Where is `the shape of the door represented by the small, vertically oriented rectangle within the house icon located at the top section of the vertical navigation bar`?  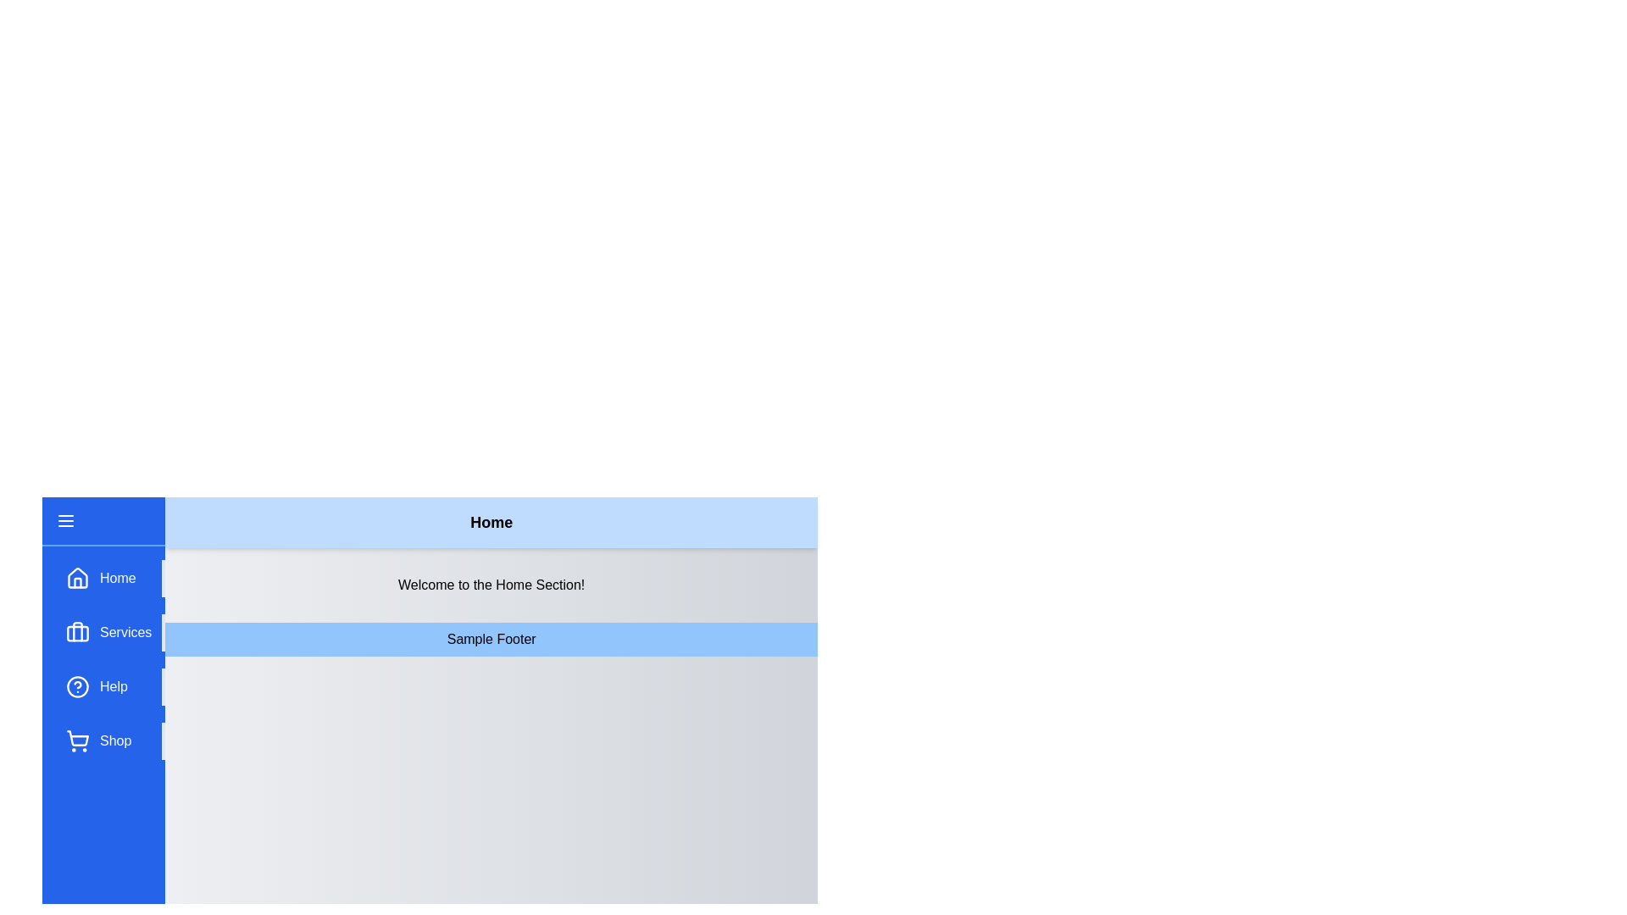
the shape of the door represented by the small, vertically oriented rectangle within the house icon located at the top section of the vertical navigation bar is located at coordinates (76, 581).